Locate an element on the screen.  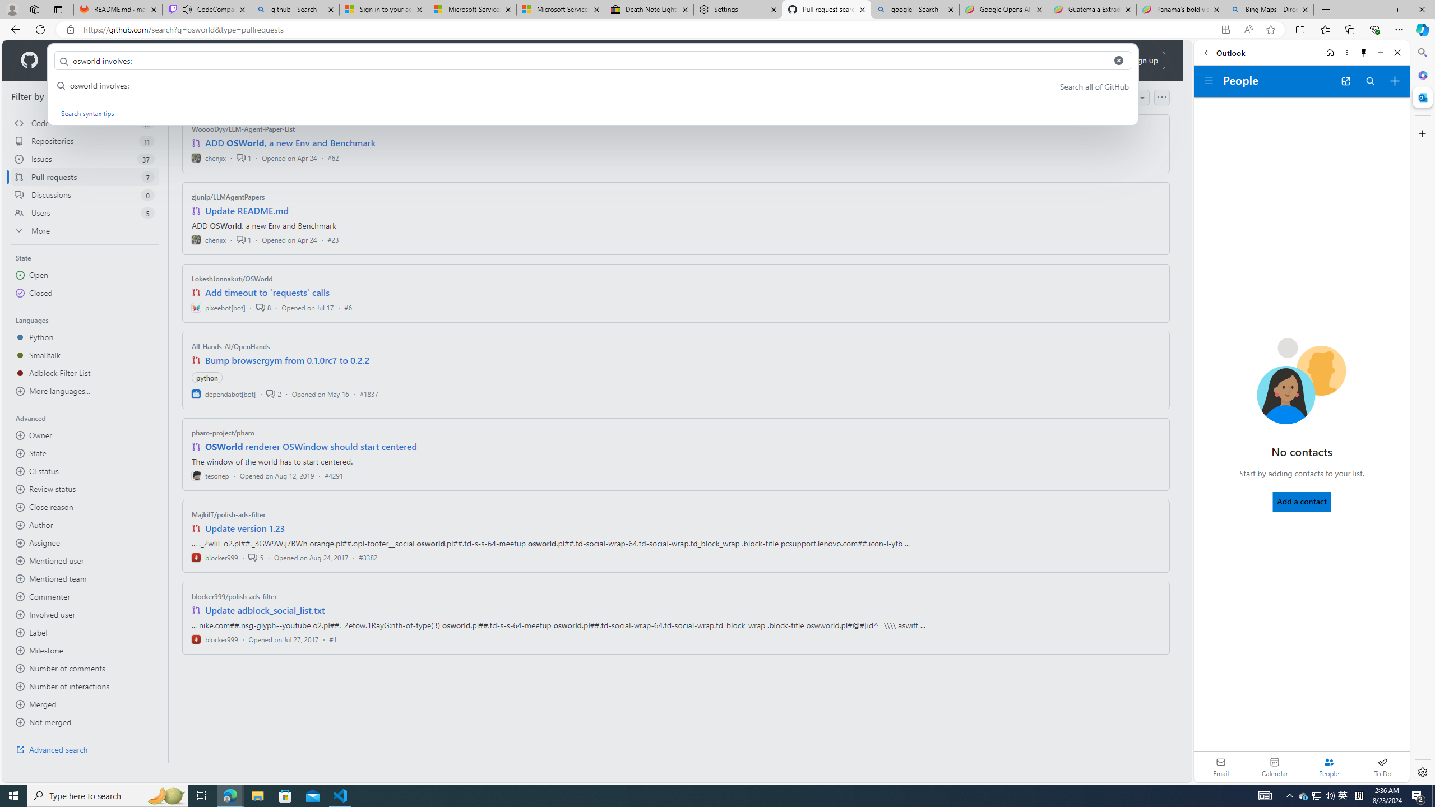
'Calendar. Date today is 22' is located at coordinates (1275, 766).